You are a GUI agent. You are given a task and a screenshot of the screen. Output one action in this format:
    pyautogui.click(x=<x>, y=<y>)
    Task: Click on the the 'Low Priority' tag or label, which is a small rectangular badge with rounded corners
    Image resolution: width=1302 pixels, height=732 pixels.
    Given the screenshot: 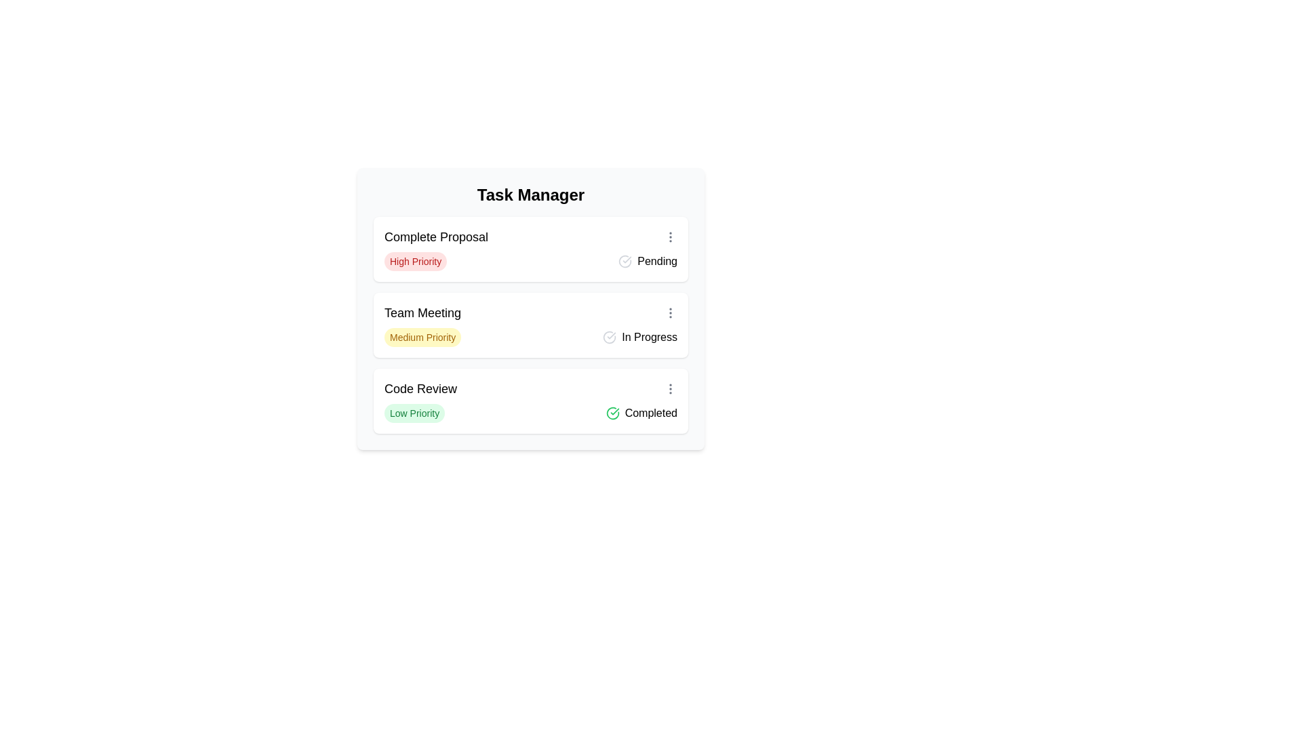 What is the action you would take?
    pyautogui.click(x=414, y=412)
    